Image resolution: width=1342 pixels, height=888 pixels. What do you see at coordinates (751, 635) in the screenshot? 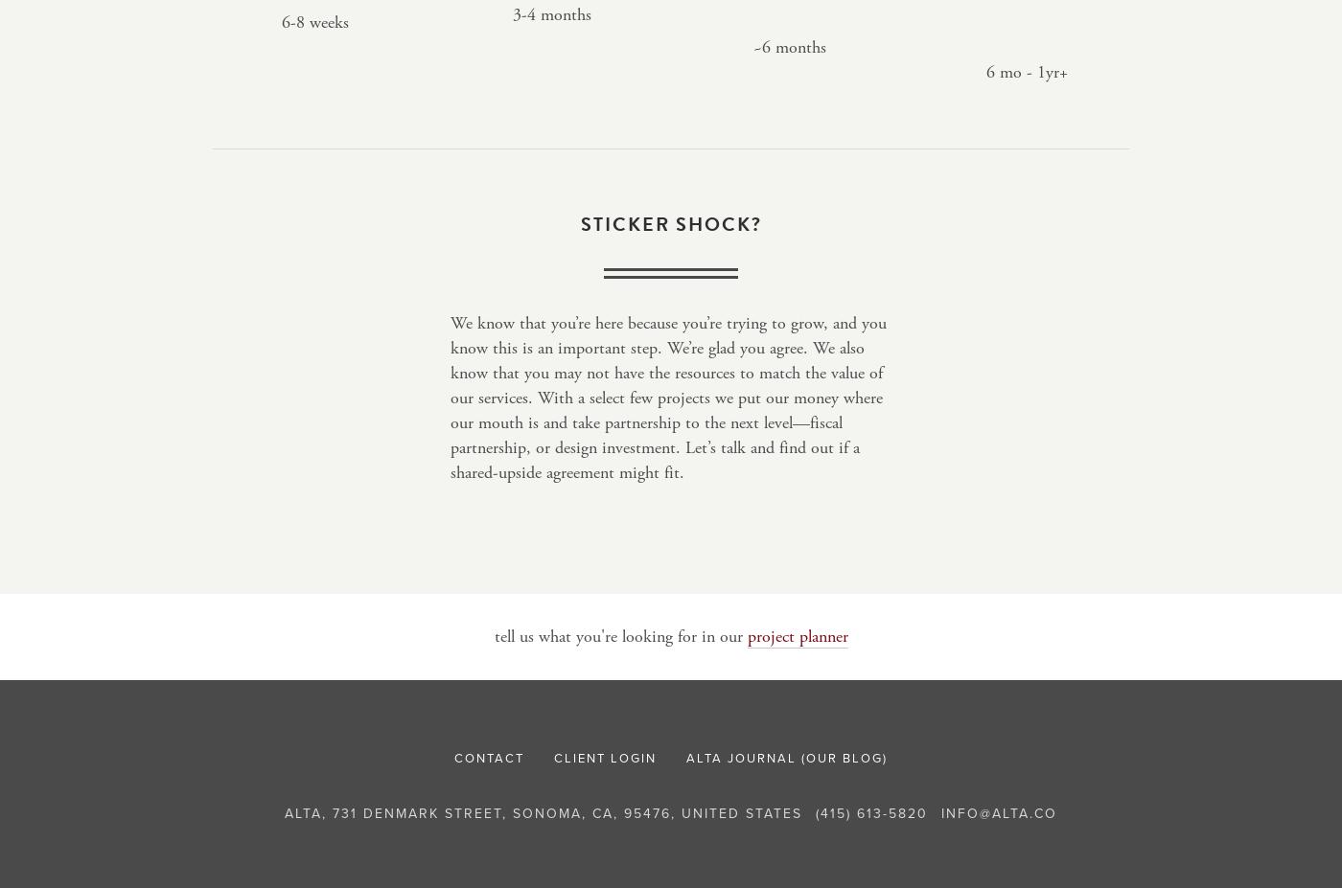
I see `'p'` at bounding box center [751, 635].